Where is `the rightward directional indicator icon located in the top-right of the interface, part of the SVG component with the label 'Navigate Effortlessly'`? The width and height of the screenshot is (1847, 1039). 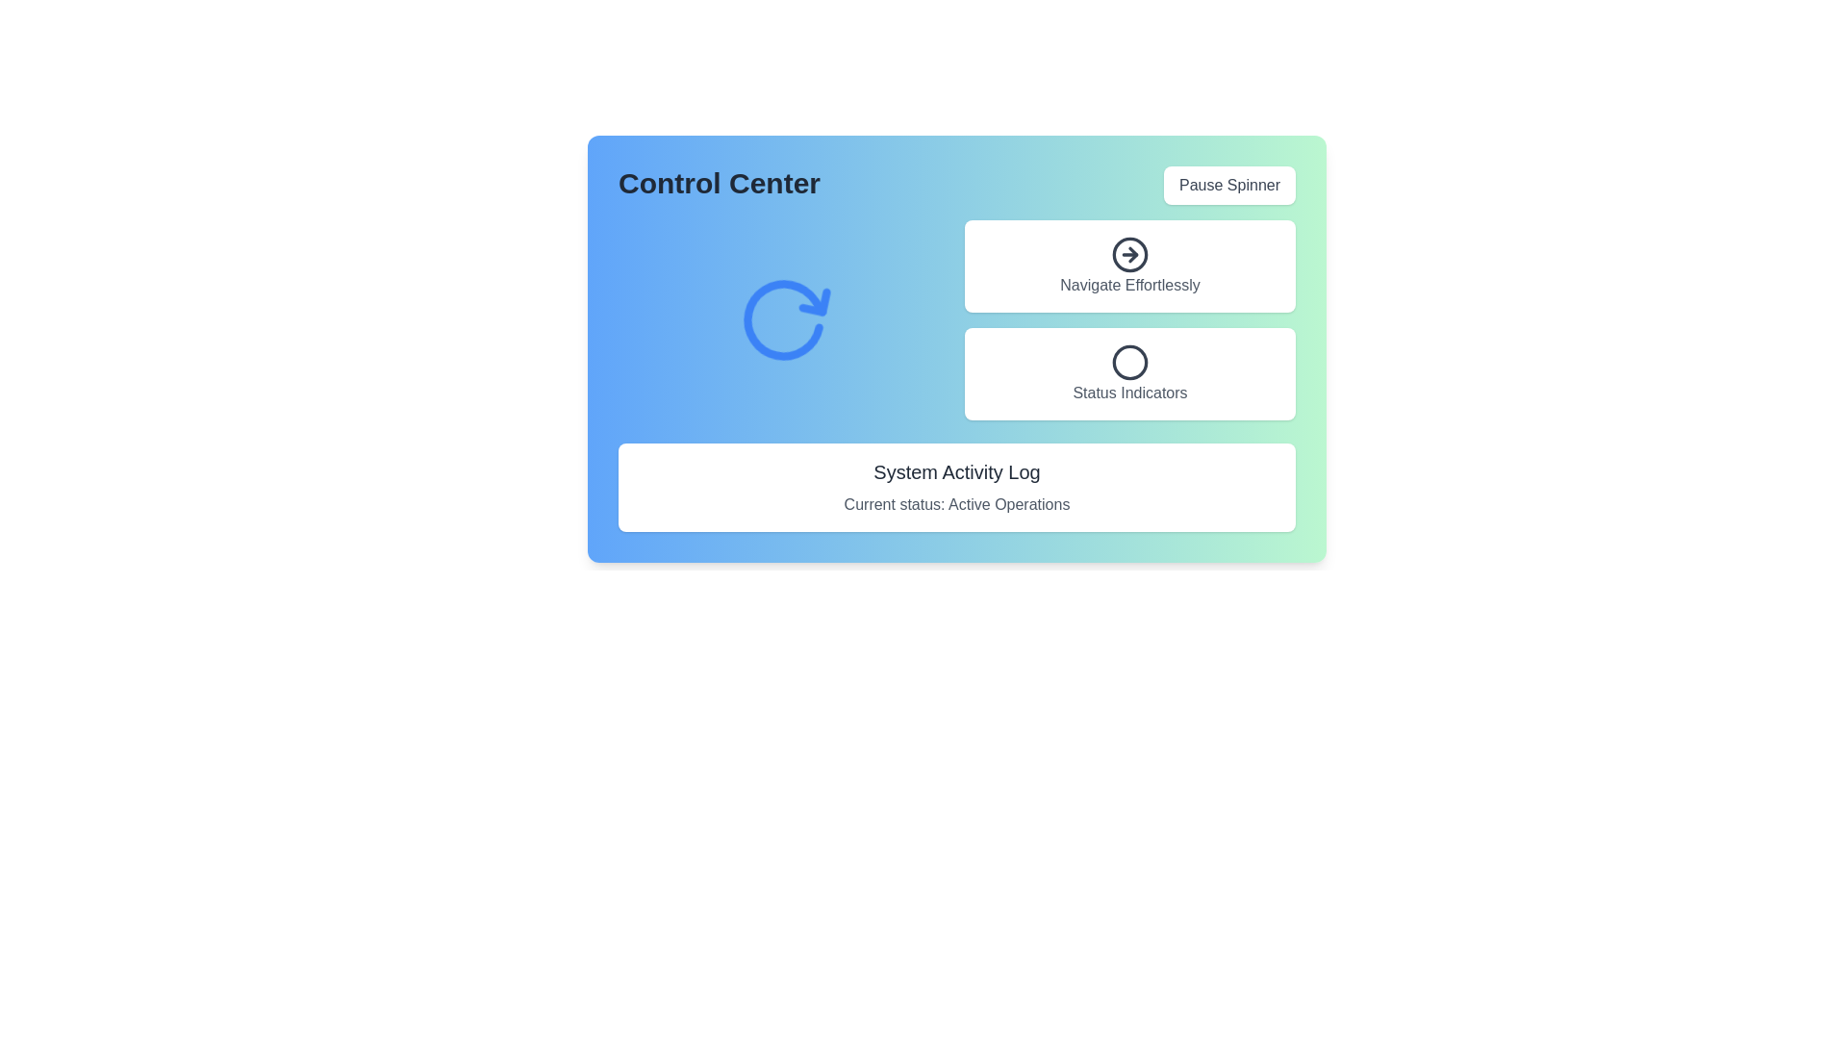
the rightward directional indicator icon located in the top-right of the interface, part of the SVG component with the label 'Navigate Effortlessly' is located at coordinates (1132, 254).